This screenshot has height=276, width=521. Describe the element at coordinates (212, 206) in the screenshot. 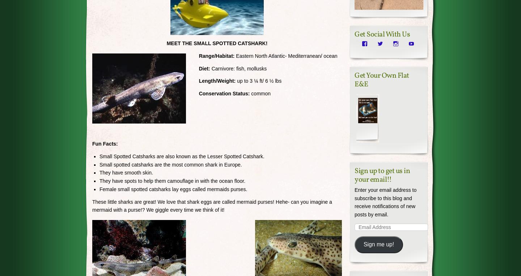

I see `'These little sharks are great! We love that shark eggs are called mermaid purses! Hehe- can you imagine a mermaid with a purse!? We giggle every time we think of it!'` at that location.